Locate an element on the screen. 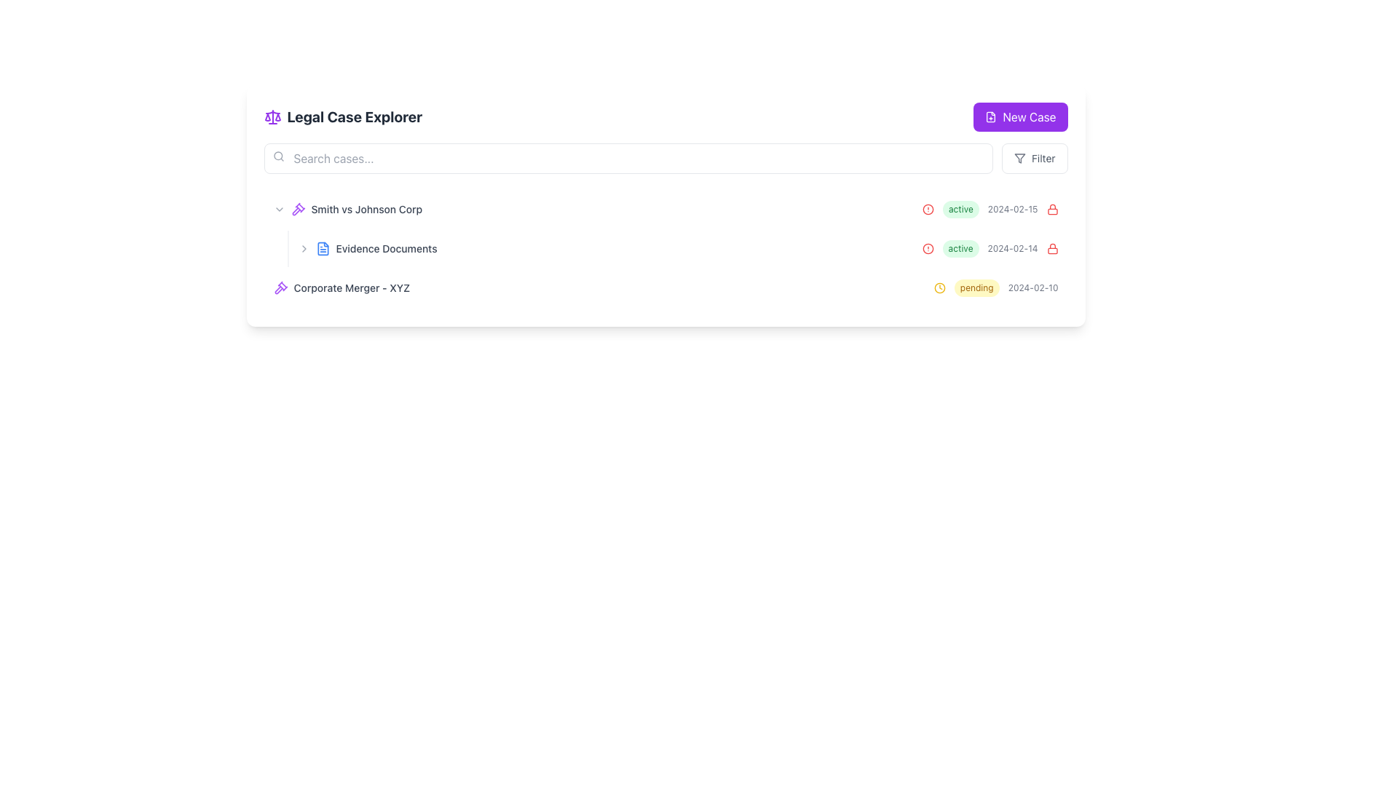 The width and height of the screenshot is (1398, 786). the scales icon located in the top-left corner of the application header, which is part of the SVG-based logo for 'Legal Case Explorer' is located at coordinates (267, 116).